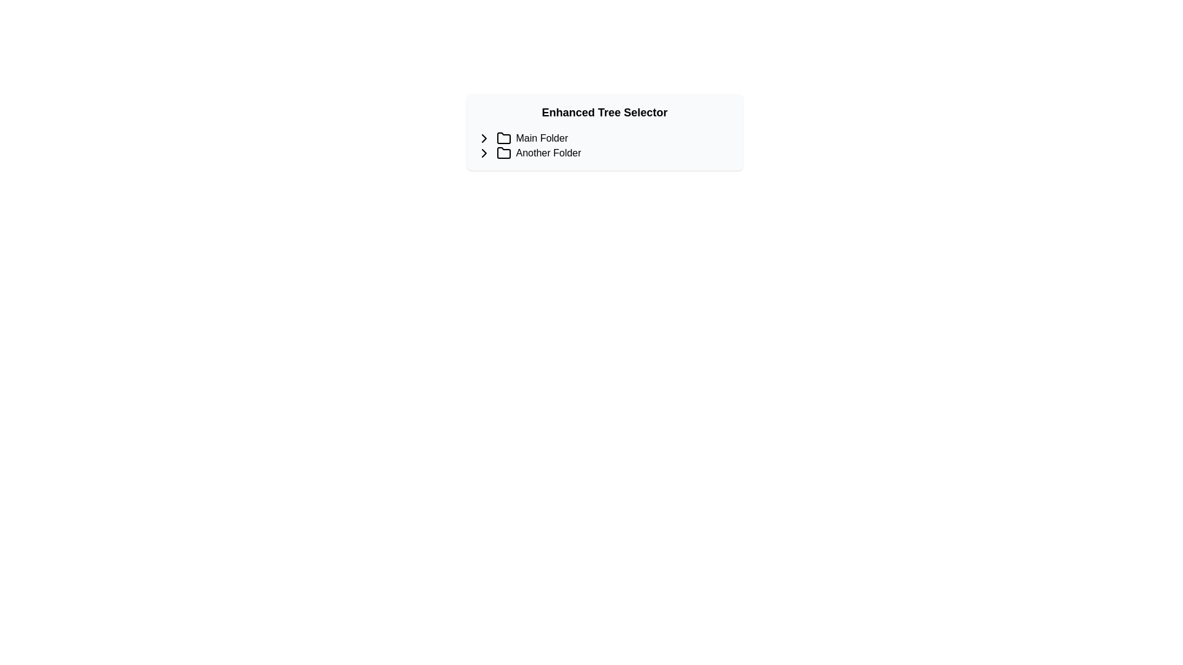 This screenshot has height=665, width=1183. I want to click on the Text header that serves as the title of the section, located at the topmost position within a centered card-like structure, so click(604, 112).